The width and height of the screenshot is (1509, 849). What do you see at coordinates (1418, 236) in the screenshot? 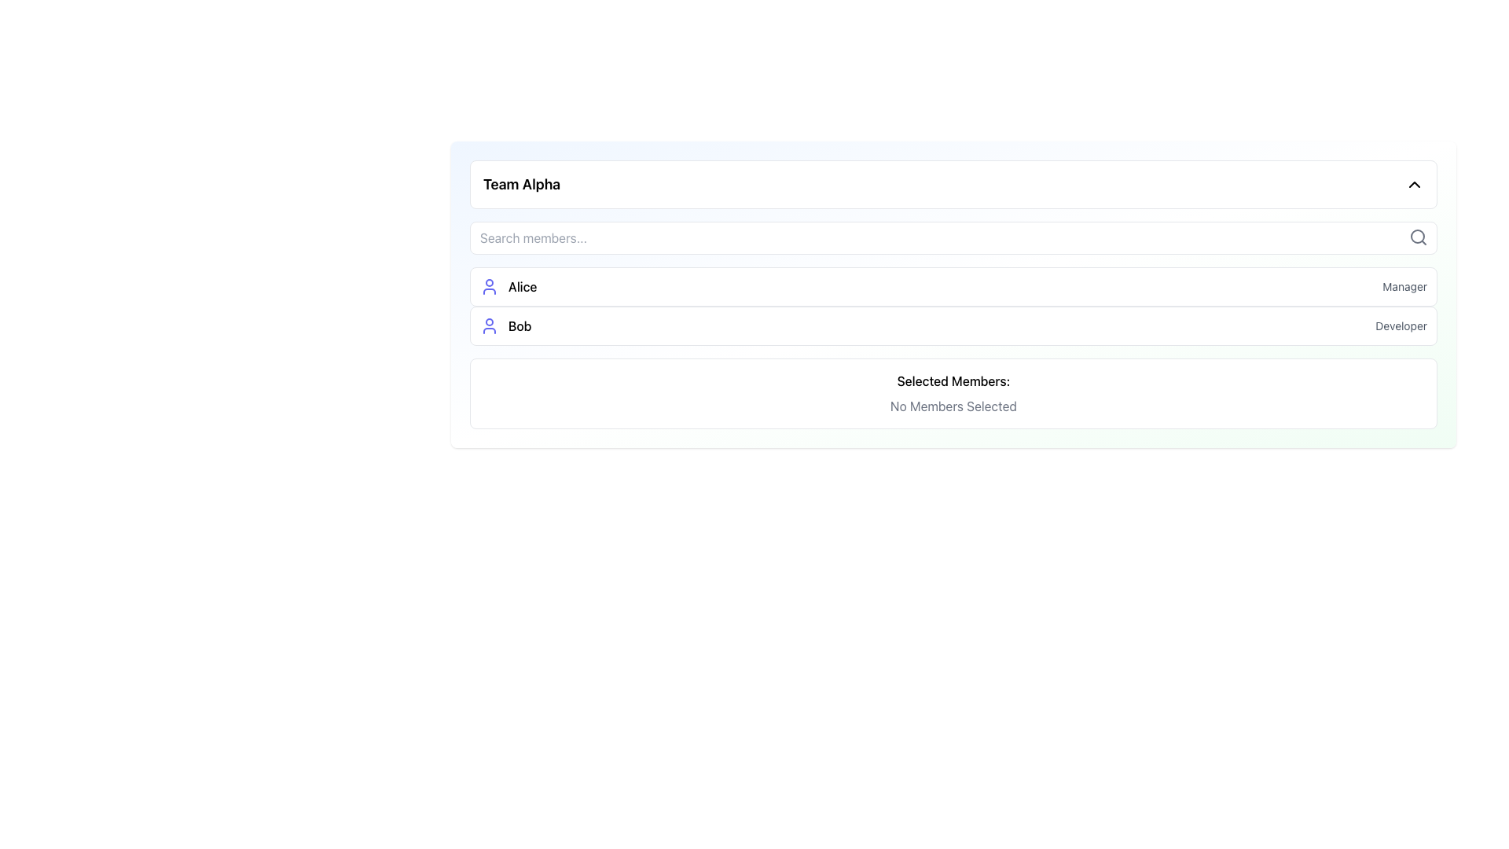
I see `the small circular shape resembling the magnifying glass lens in the search icon, located at the top-right of the search interface adjacent to the text input field` at bounding box center [1418, 236].